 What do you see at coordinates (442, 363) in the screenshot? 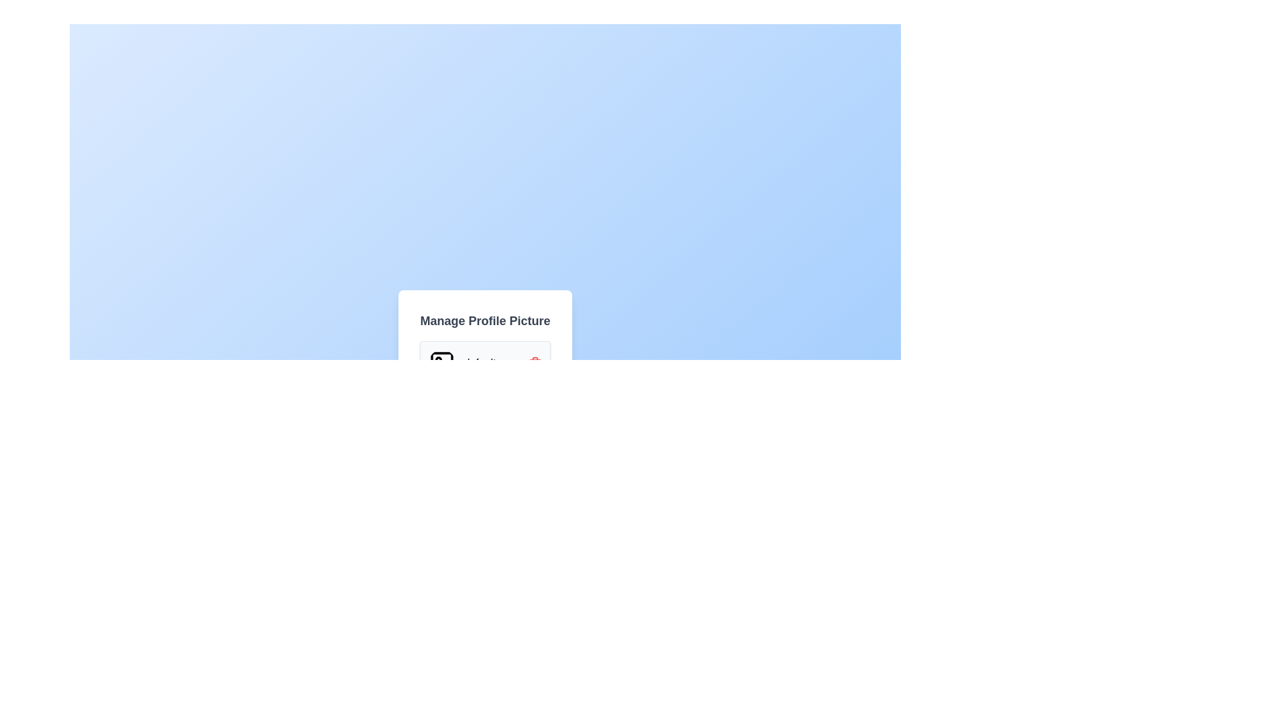
I see `the stylized graphical icon representing an image or placeholder for a profile picture` at bounding box center [442, 363].